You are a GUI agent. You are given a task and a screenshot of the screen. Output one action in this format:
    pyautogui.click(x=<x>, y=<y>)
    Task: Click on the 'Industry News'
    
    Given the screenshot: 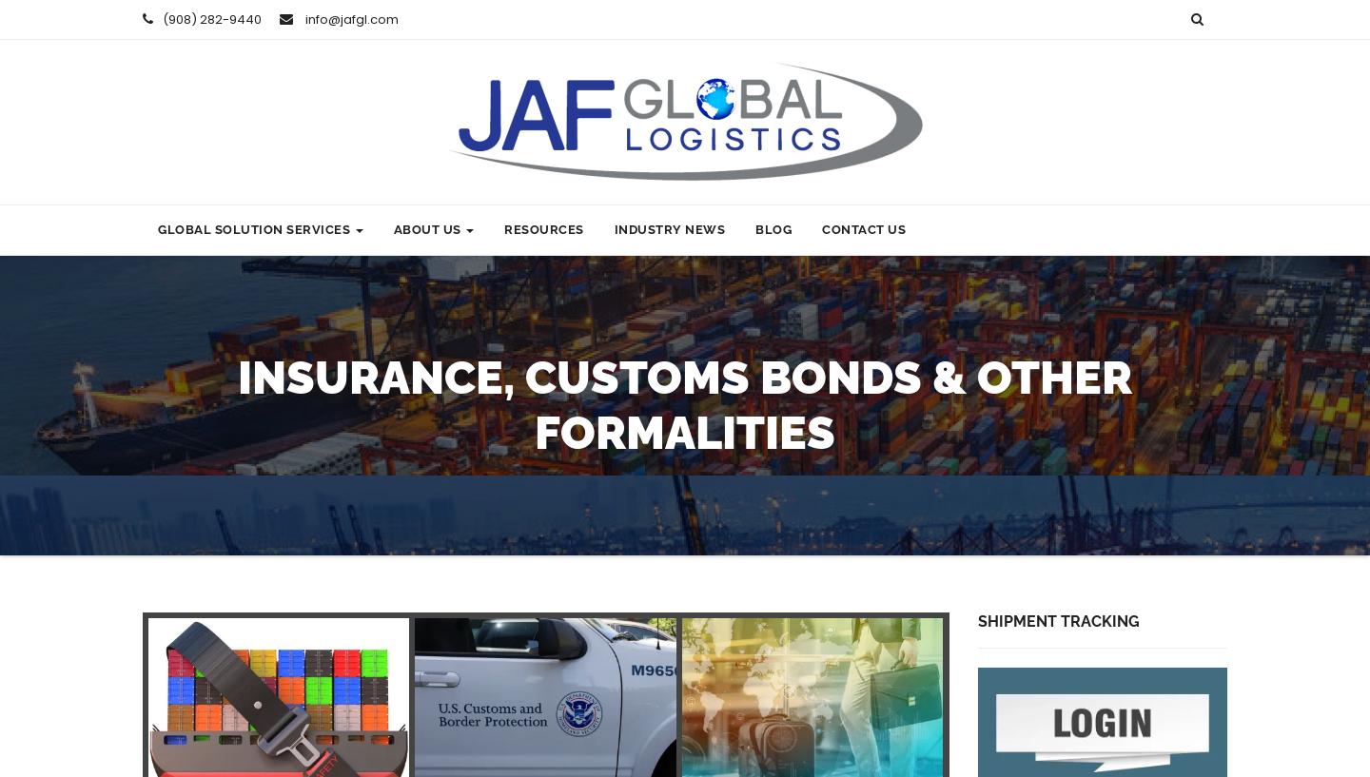 What is the action you would take?
    pyautogui.click(x=669, y=228)
    